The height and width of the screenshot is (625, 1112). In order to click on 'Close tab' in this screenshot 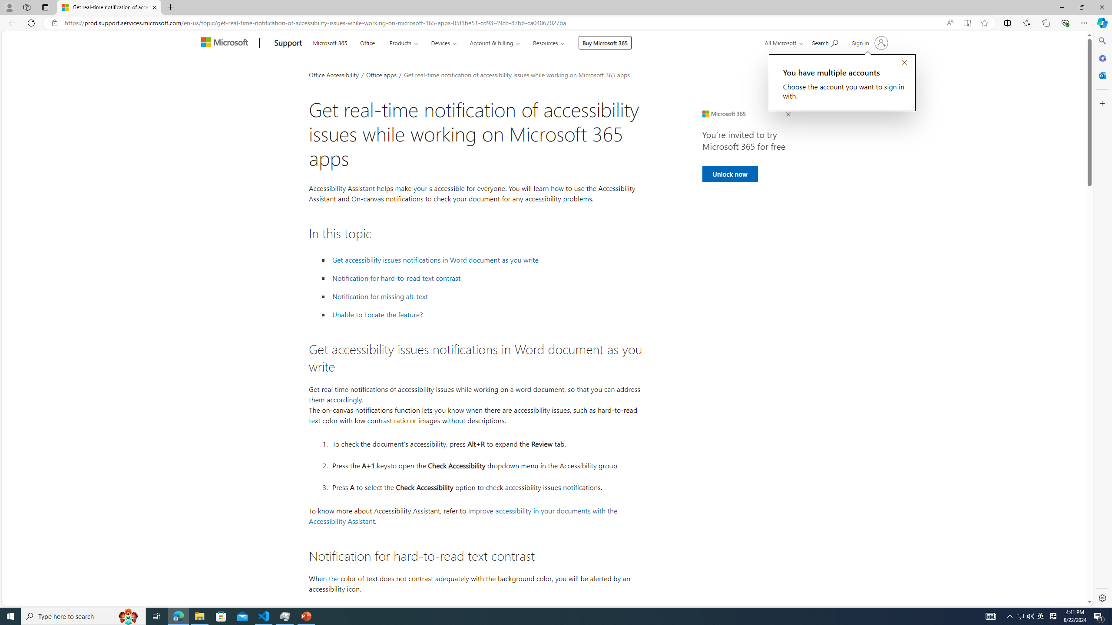, I will do `click(154, 7)`.